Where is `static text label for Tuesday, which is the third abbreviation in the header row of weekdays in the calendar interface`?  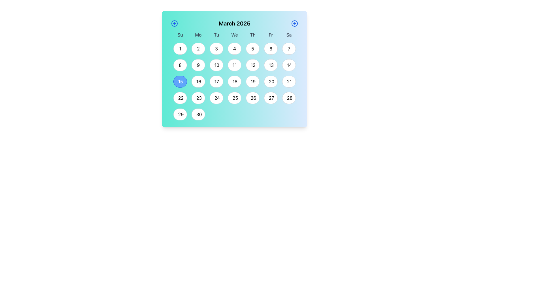 static text label for Tuesday, which is the third abbreviation in the header row of weekdays in the calendar interface is located at coordinates (216, 35).